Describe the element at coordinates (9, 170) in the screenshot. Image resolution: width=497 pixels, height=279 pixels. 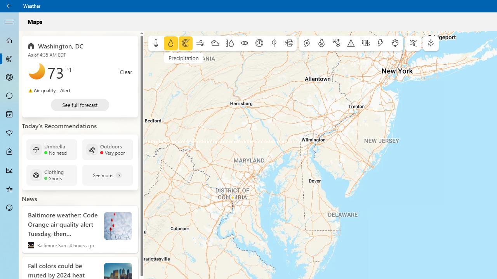
I see `'Historical Weather - Not Selected'` at that location.